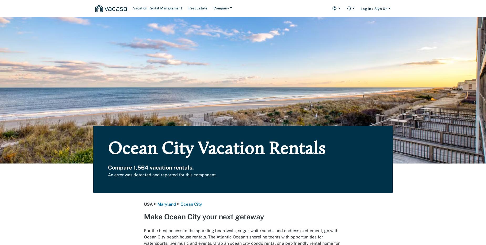 This screenshot has height=245, width=486. I want to click on 'Company', so click(221, 8).